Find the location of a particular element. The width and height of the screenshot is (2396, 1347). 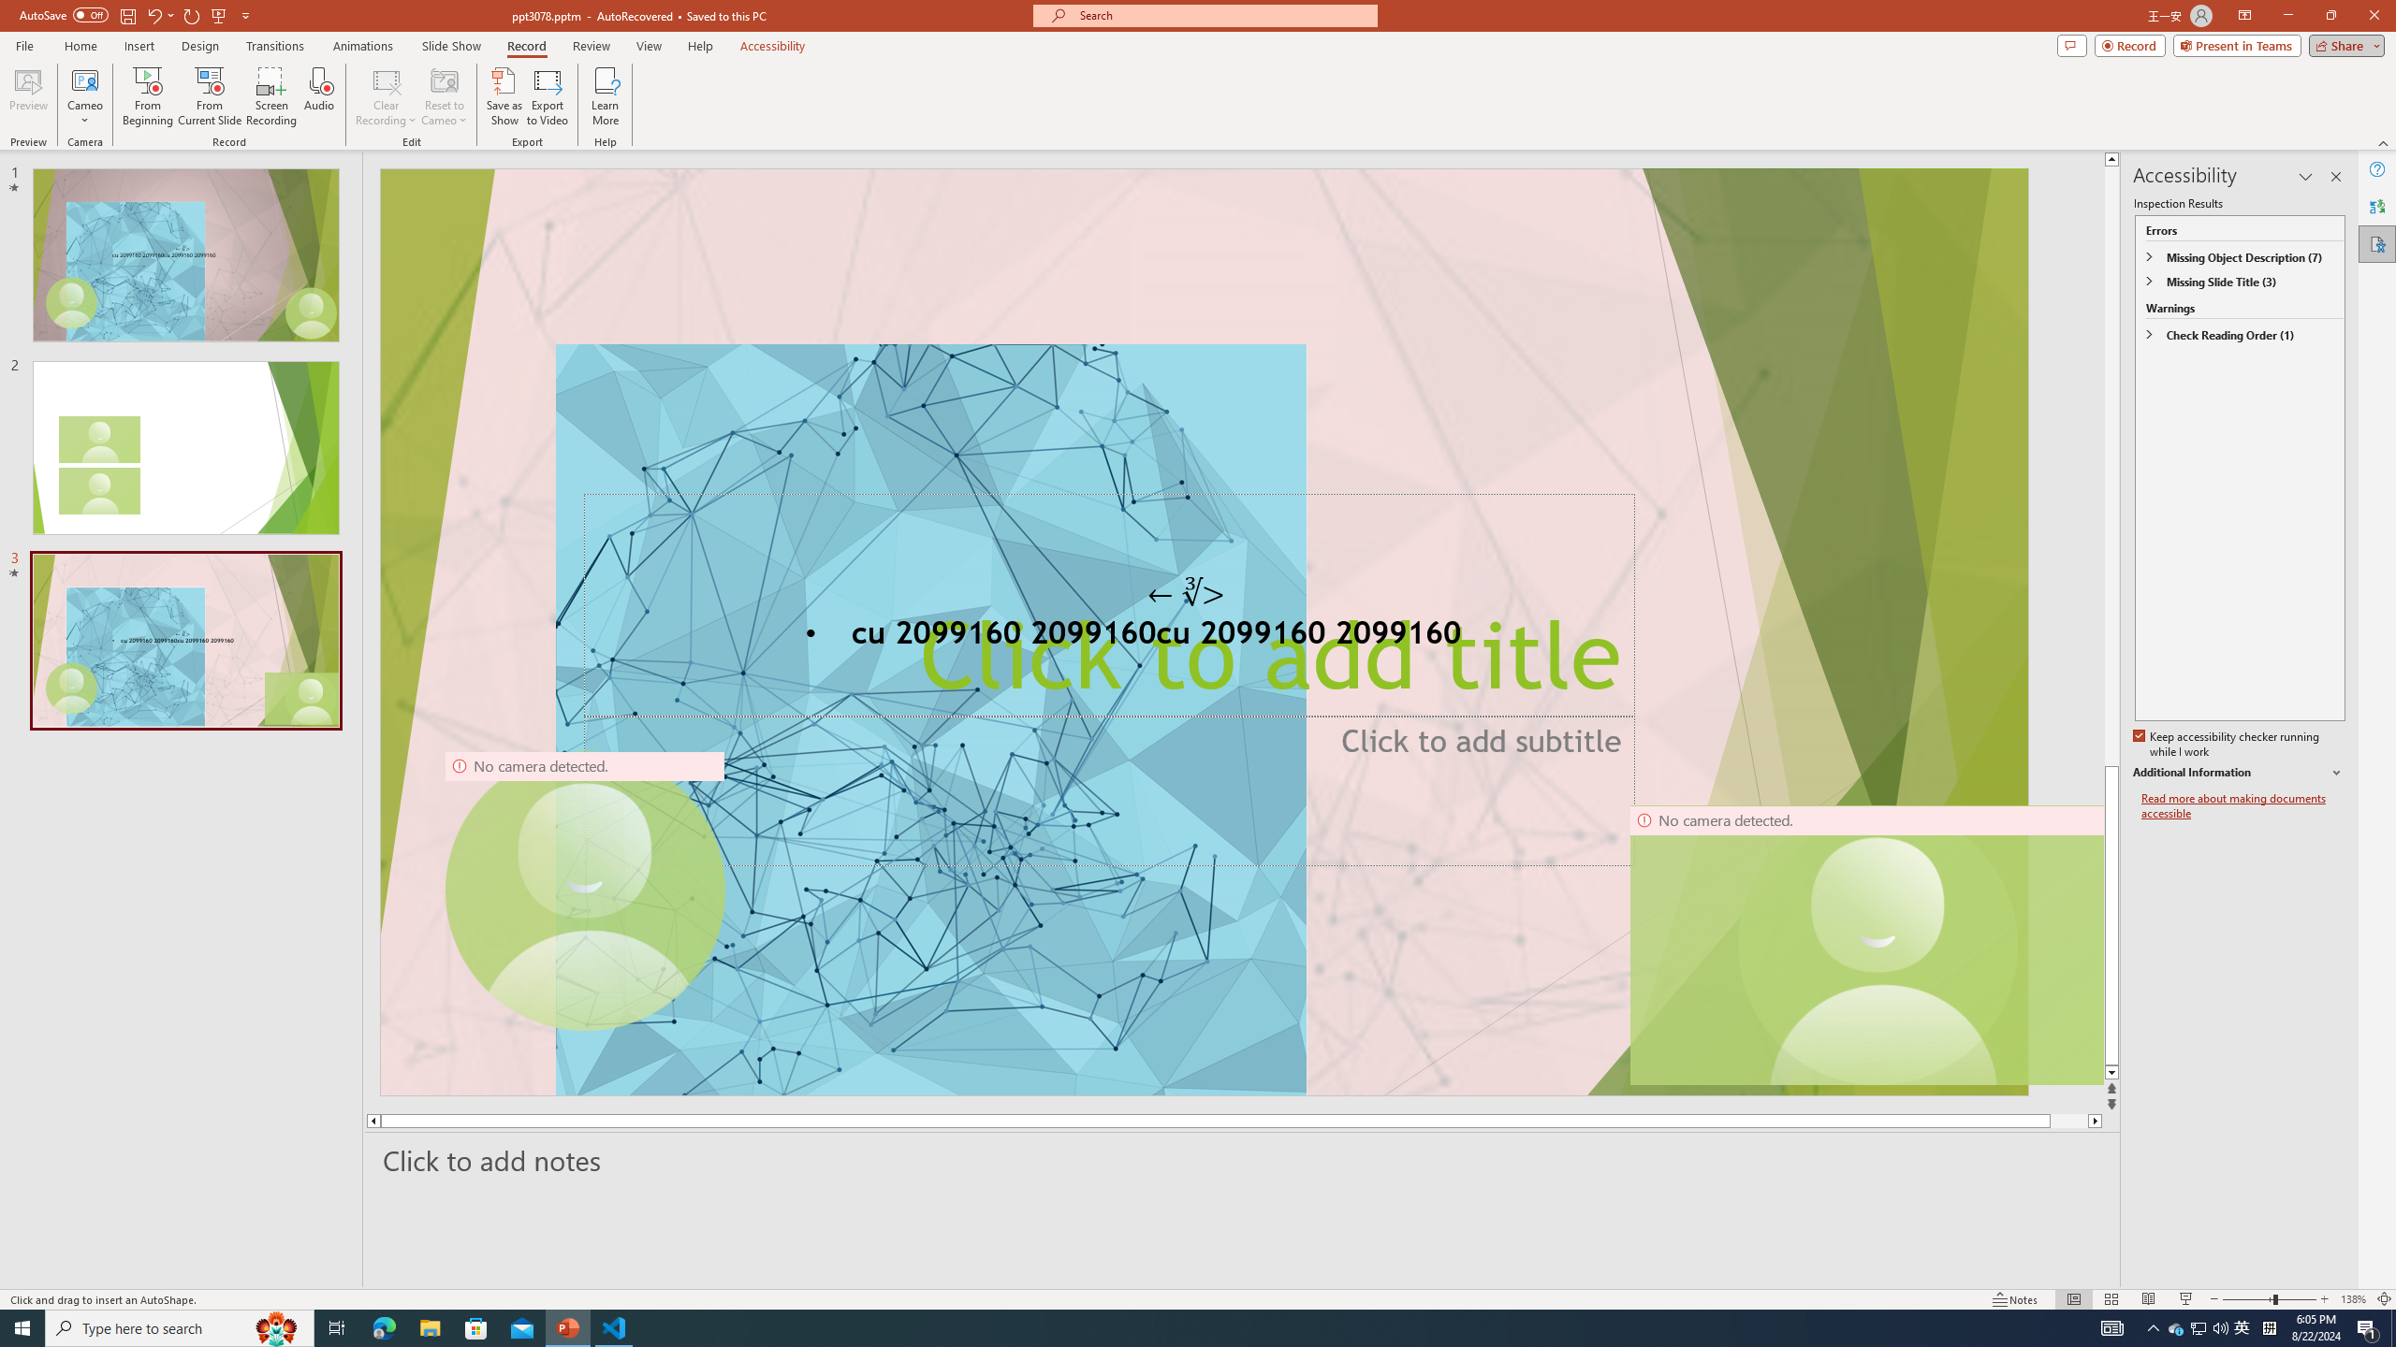

'Camera 11, No camera detected.' is located at coordinates (1877, 945).